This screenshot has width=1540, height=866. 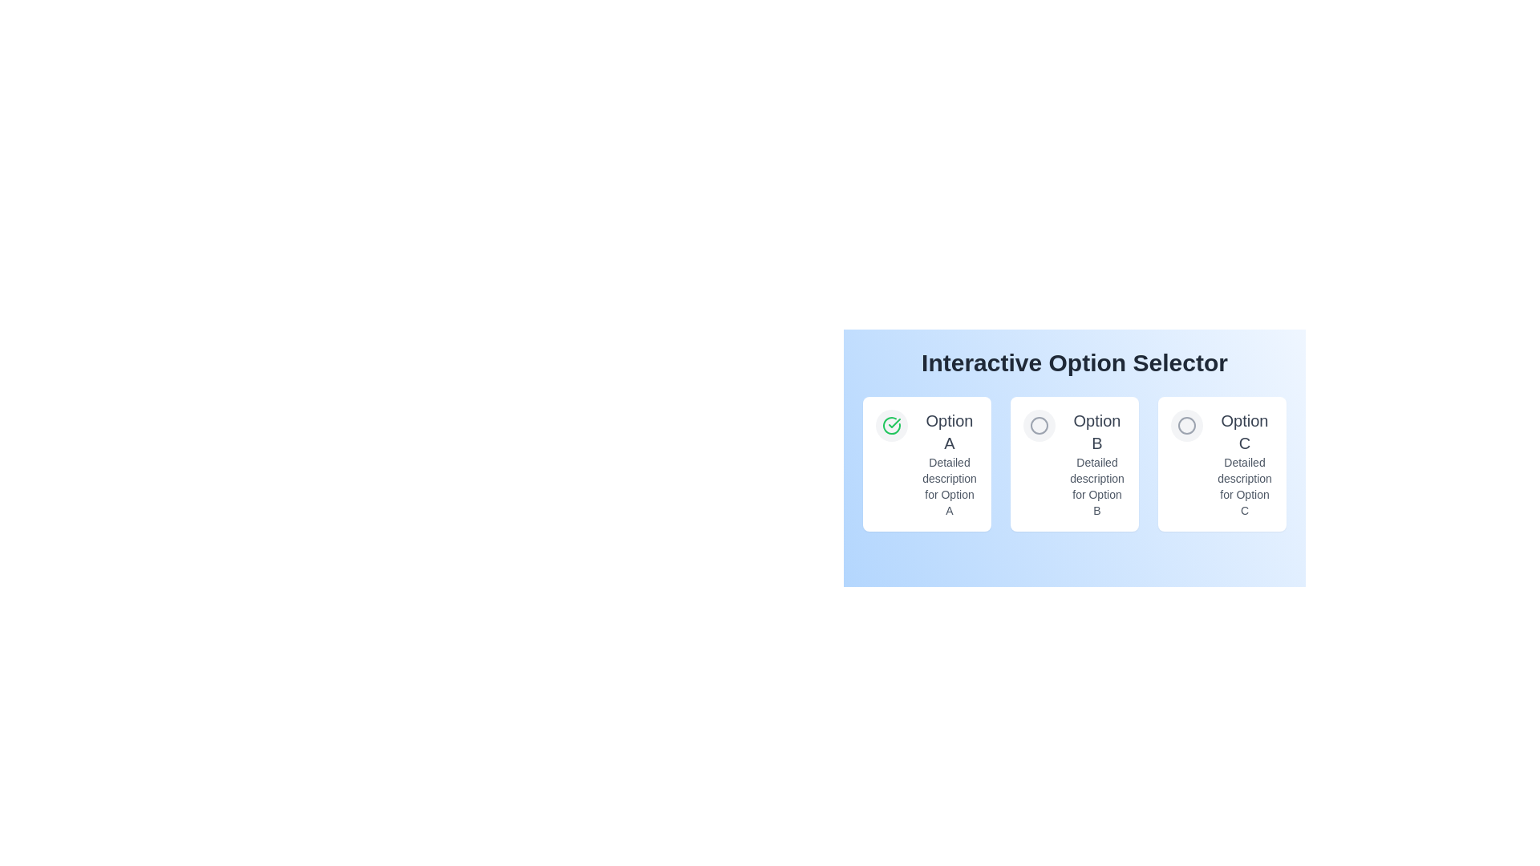 I want to click on the 'Option B' radio button in the interactive option selector to focus on it, so click(x=1074, y=448).